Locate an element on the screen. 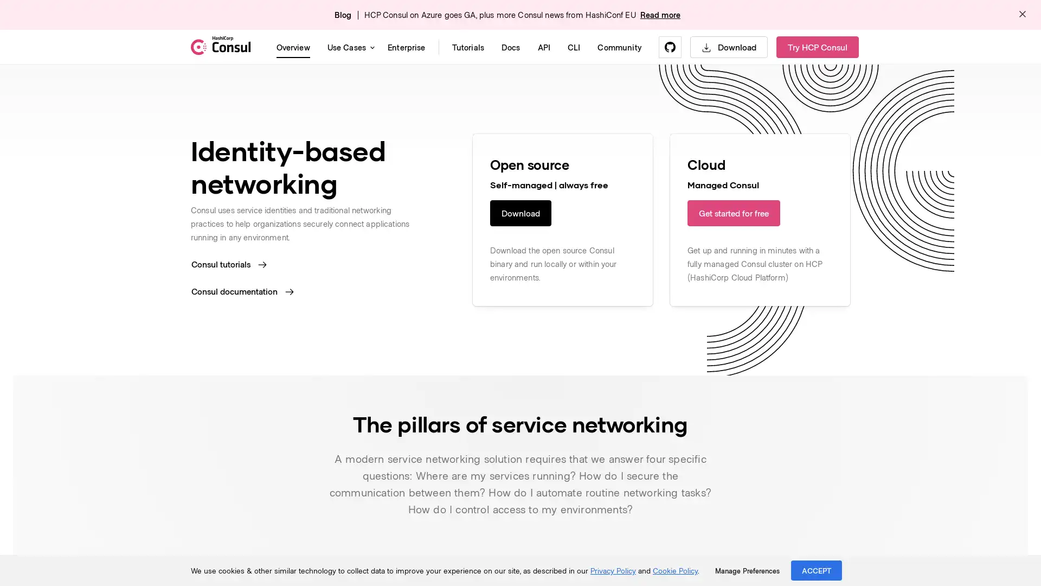 Image resolution: width=1041 pixels, height=586 pixels. ACCEPT is located at coordinates (817, 570).